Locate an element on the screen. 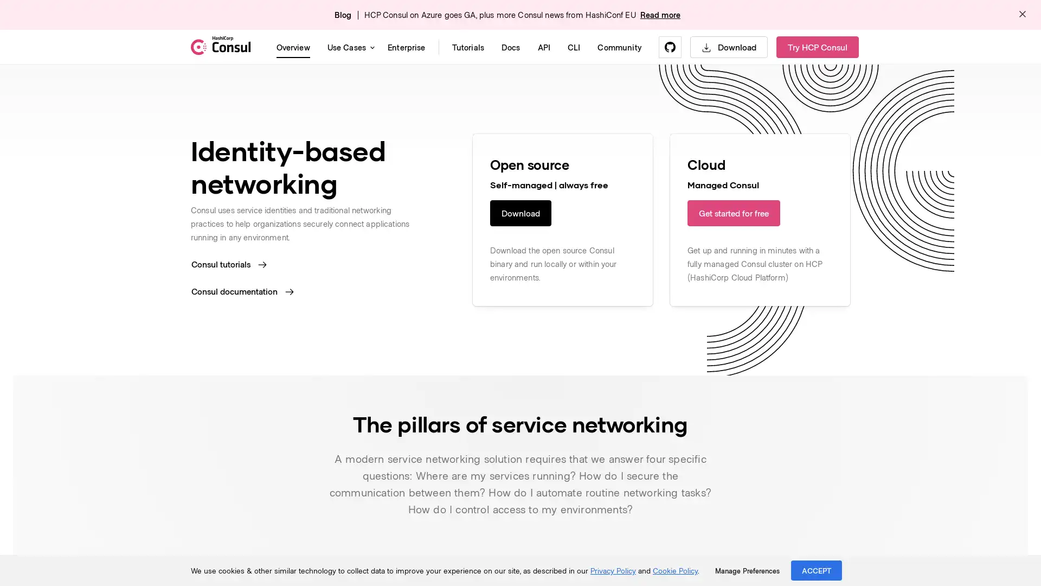 Image resolution: width=1041 pixels, height=586 pixels. ACCEPT is located at coordinates (817, 570).